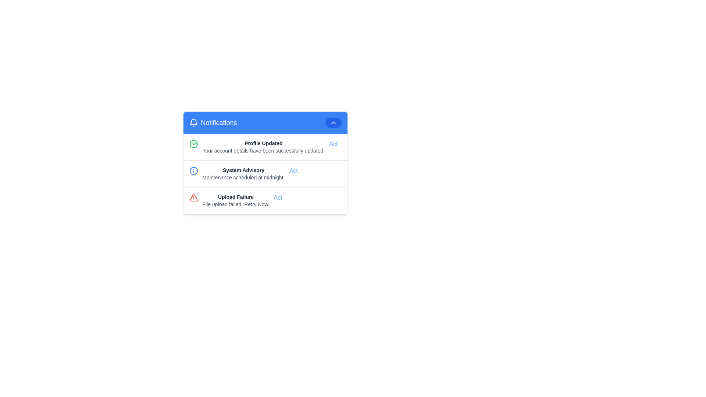  What do you see at coordinates (193, 197) in the screenshot?
I see `the alert icon located at the beginning of the 'Upload Failure' notification row to get more details about the issue` at bounding box center [193, 197].